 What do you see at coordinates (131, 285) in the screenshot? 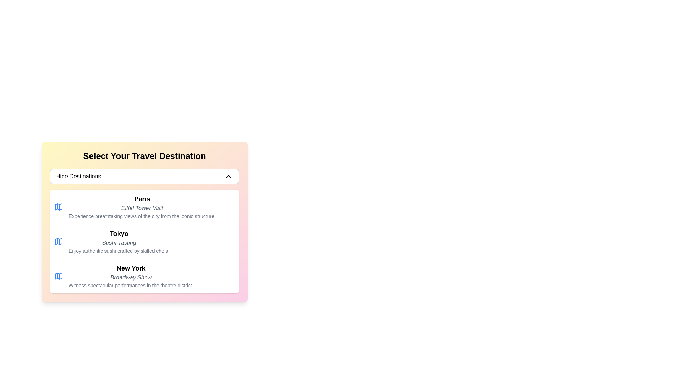
I see `the static text element that reads 'Witness spectacular performances in the theatre district.' located under the label 'New York Broadway Show' in the card for the New York destination` at bounding box center [131, 285].